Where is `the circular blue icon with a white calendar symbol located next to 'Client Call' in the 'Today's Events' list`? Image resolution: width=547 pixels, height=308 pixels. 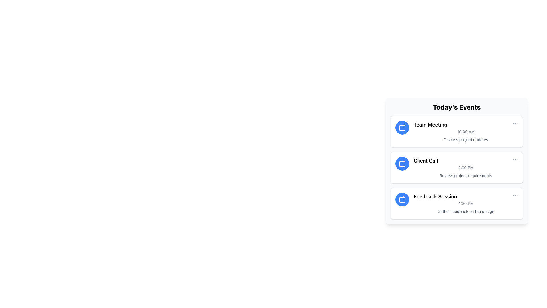
the circular blue icon with a white calendar symbol located next to 'Client Call' in the 'Today's Events' list is located at coordinates (402, 164).